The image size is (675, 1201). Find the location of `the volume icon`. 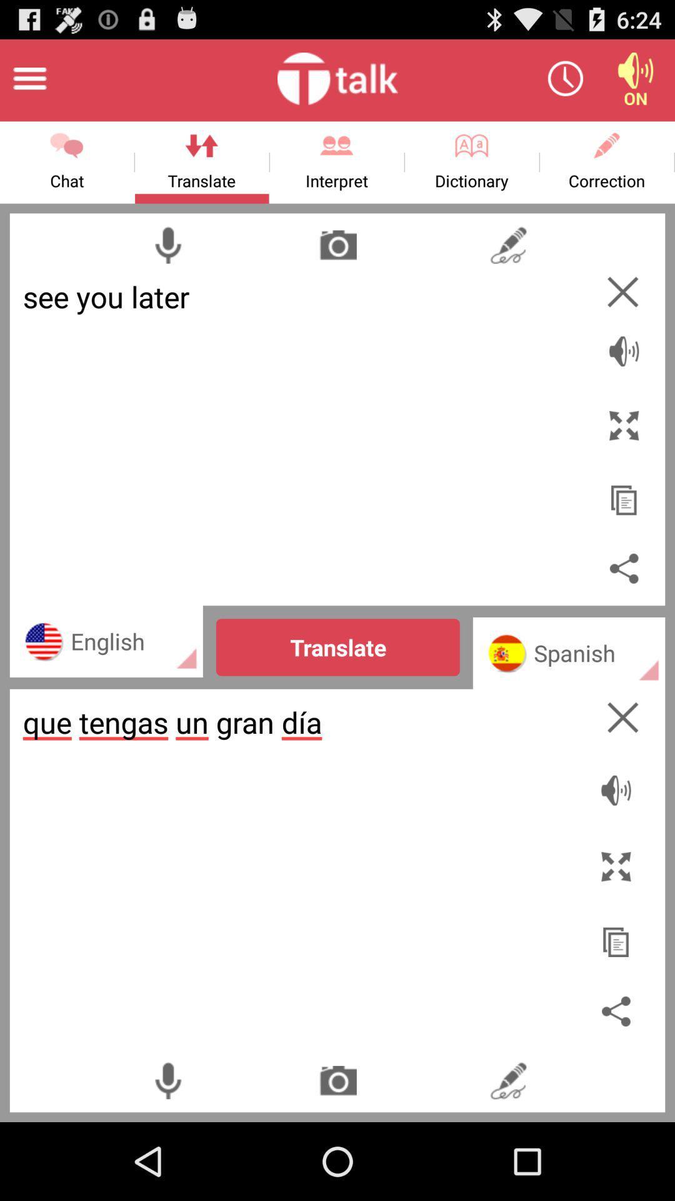

the volume icon is located at coordinates (624, 368).